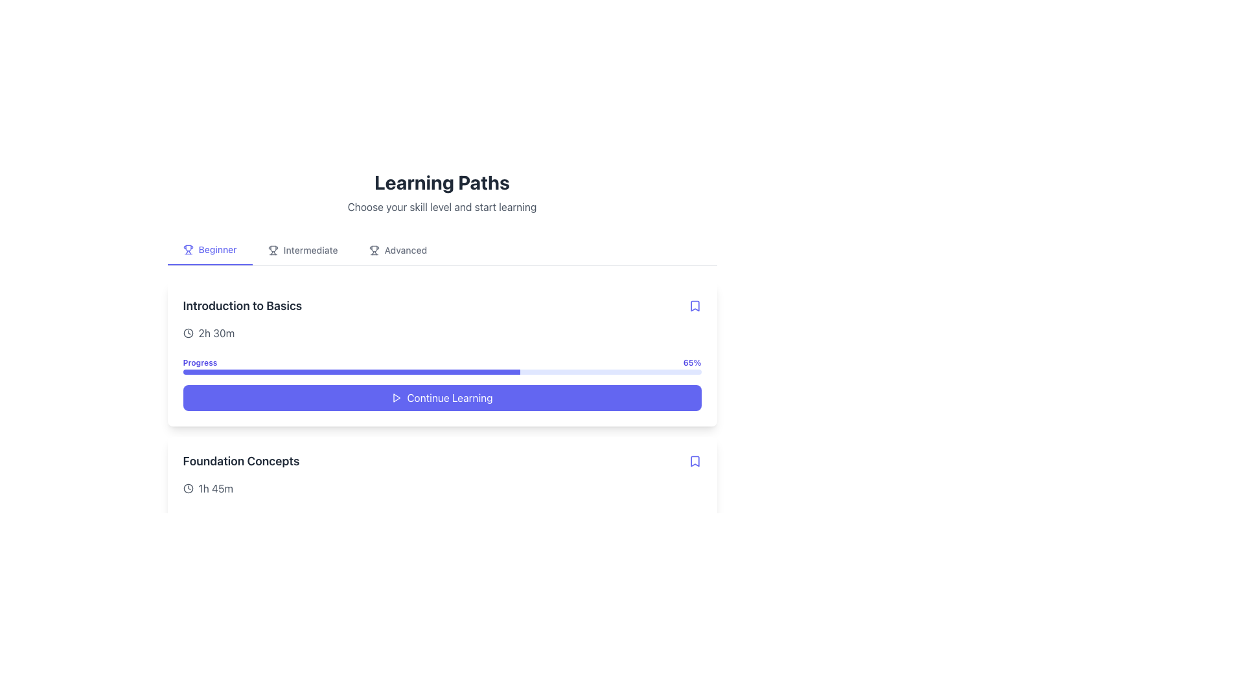  Describe the element at coordinates (691, 362) in the screenshot. I see `progress percentage text displayed at the top-right corner of the progress indicator bar associated with the 'Introduction to Basics' section` at that location.